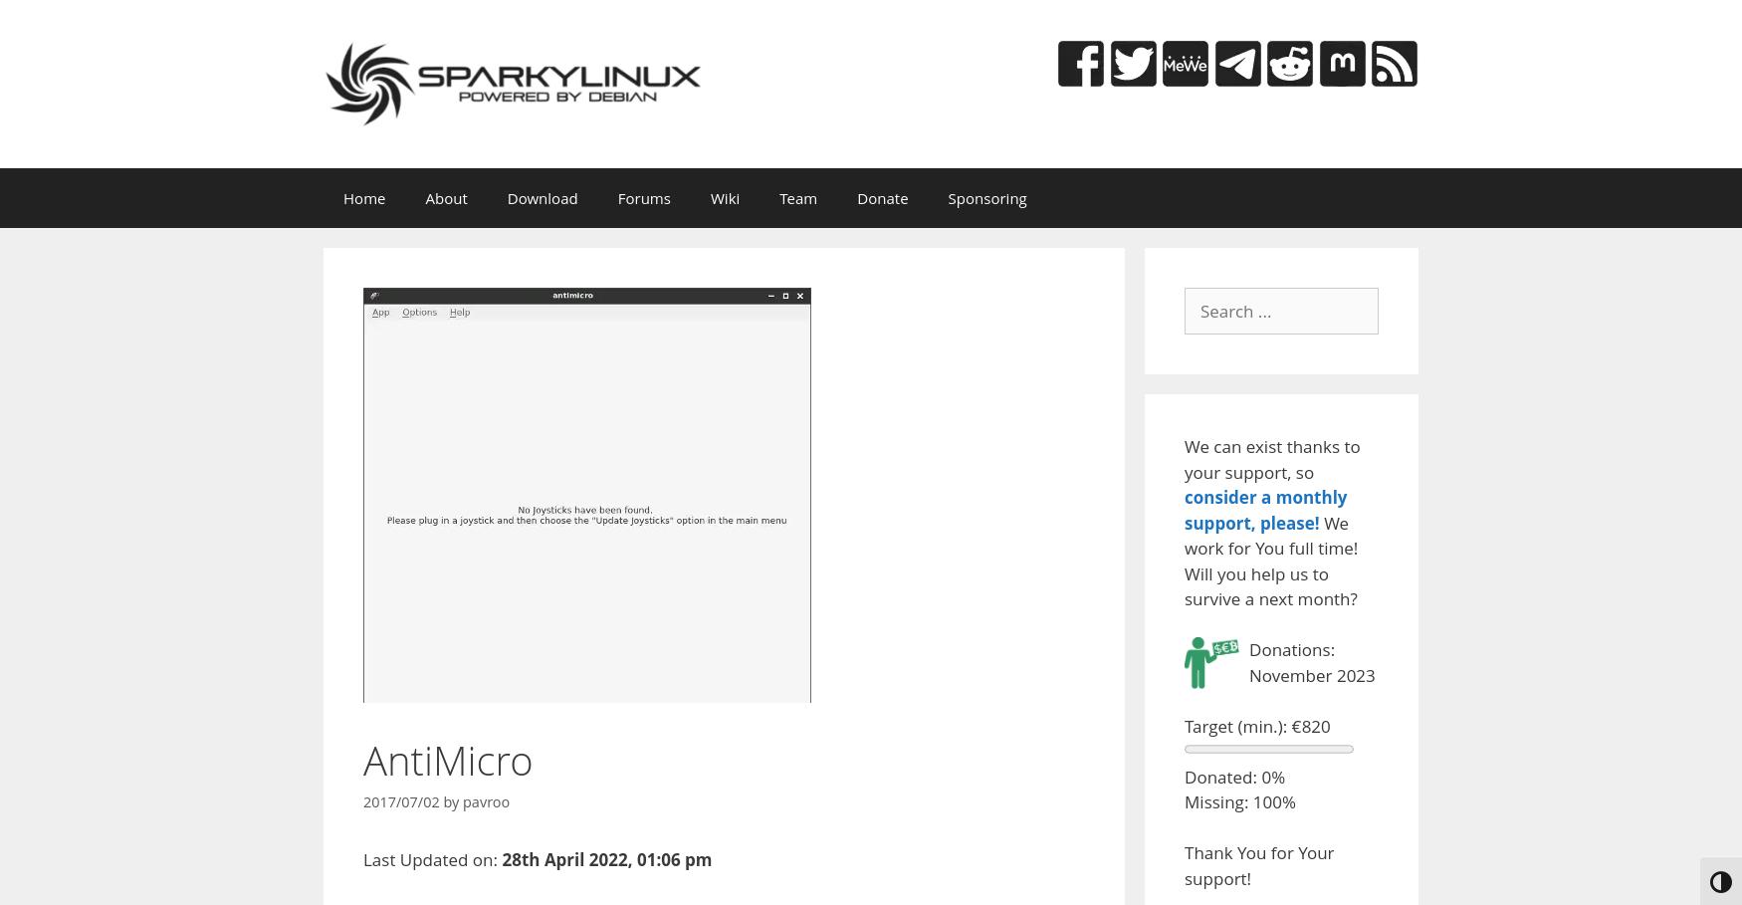 This screenshot has width=1742, height=905. What do you see at coordinates (1264, 509) in the screenshot?
I see `'consider a  monthly support, please!'` at bounding box center [1264, 509].